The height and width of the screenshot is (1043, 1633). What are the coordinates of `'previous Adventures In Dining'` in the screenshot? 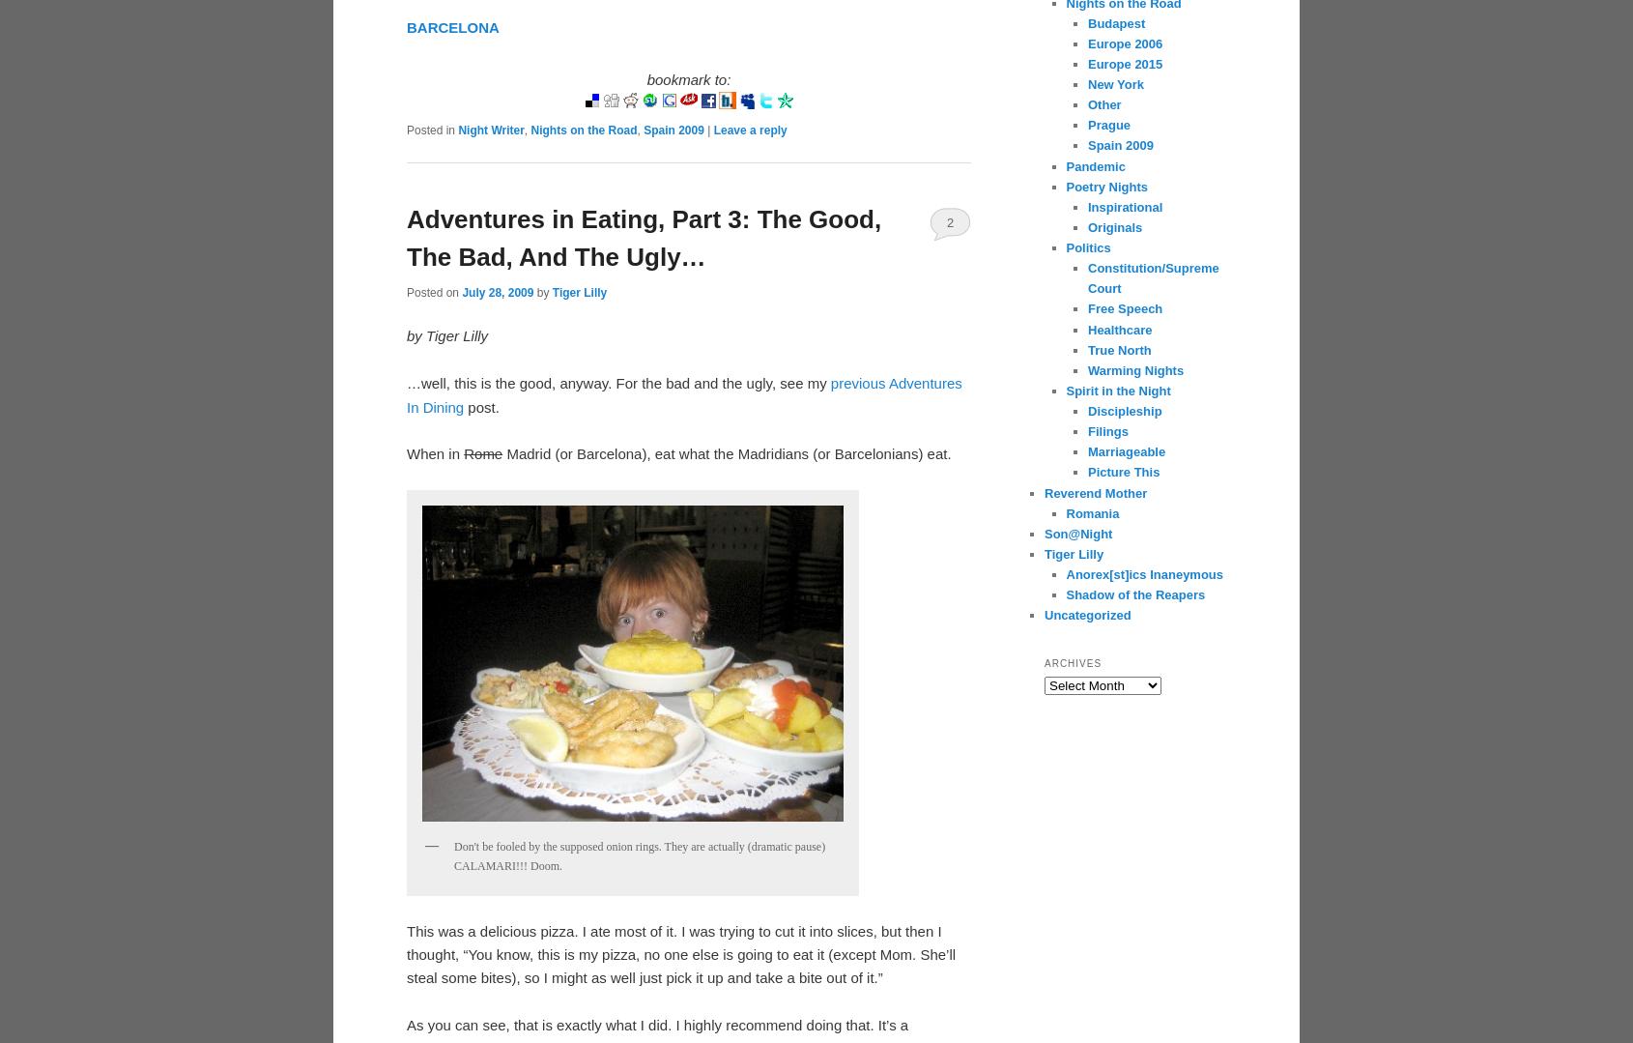 It's located at (405, 393).